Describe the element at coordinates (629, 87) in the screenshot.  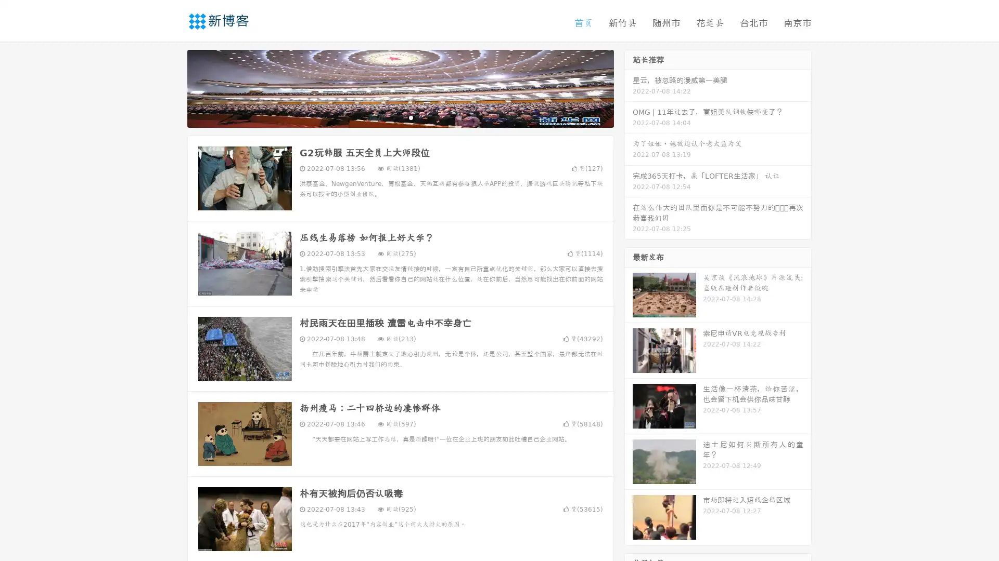
I see `Next slide` at that location.